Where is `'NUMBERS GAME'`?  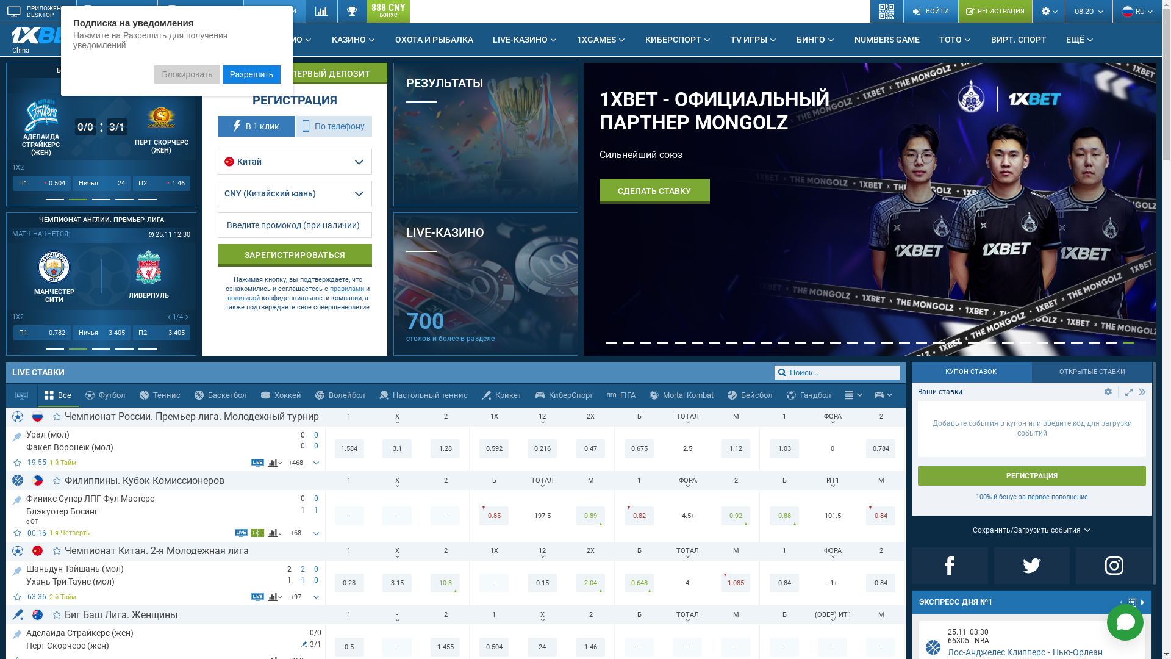 'NUMBERS GAME' is located at coordinates (887, 39).